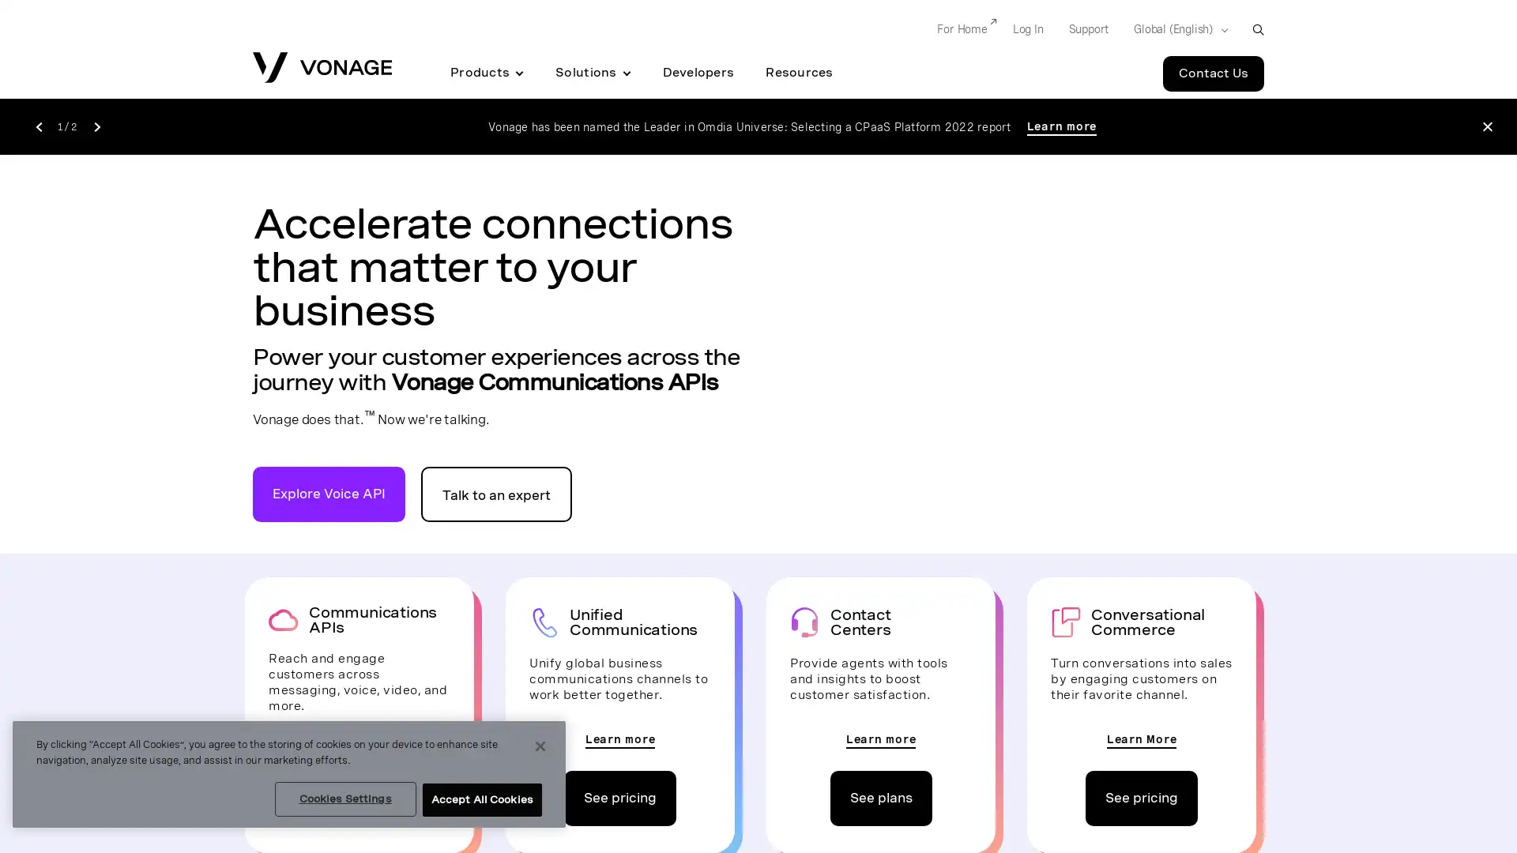 This screenshot has width=1517, height=853. Describe the element at coordinates (1486, 126) in the screenshot. I see `Close the announcement` at that location.